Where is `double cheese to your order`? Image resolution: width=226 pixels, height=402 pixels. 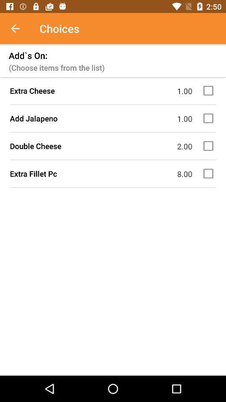 double cheese to your order is located at coordinates (209, 146).